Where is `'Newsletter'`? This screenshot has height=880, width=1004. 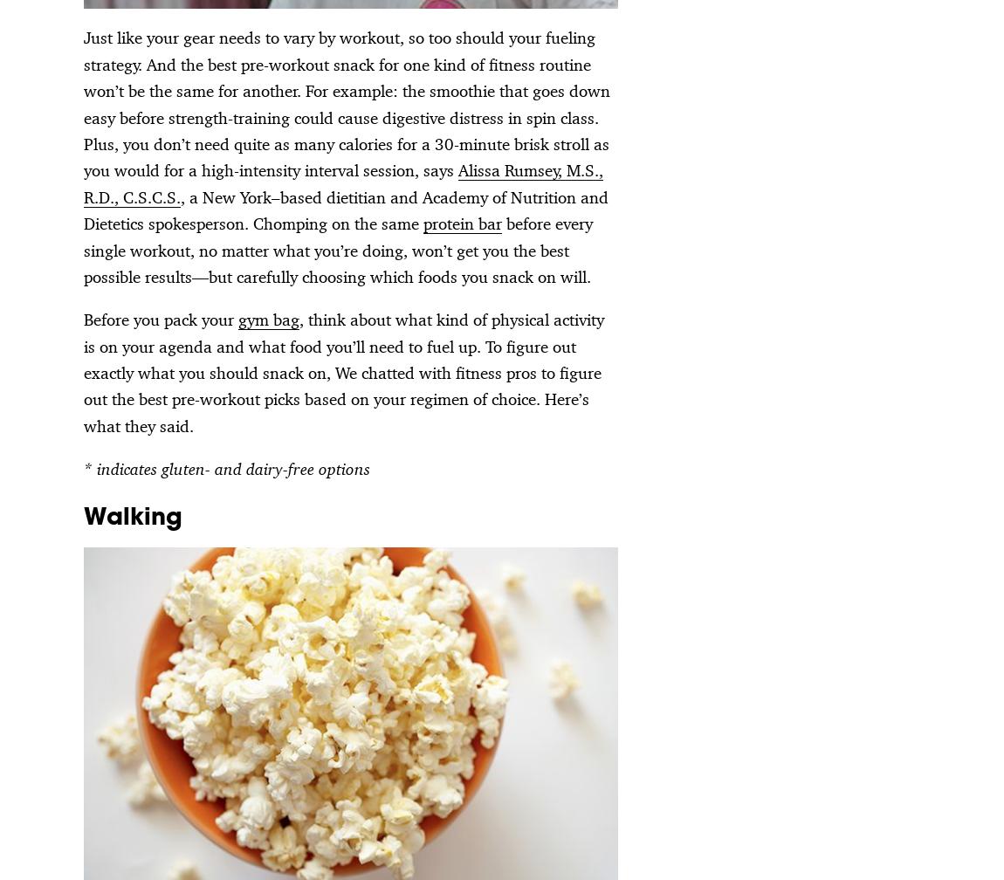 'Newsletter' is located at coordinates (296, 703).